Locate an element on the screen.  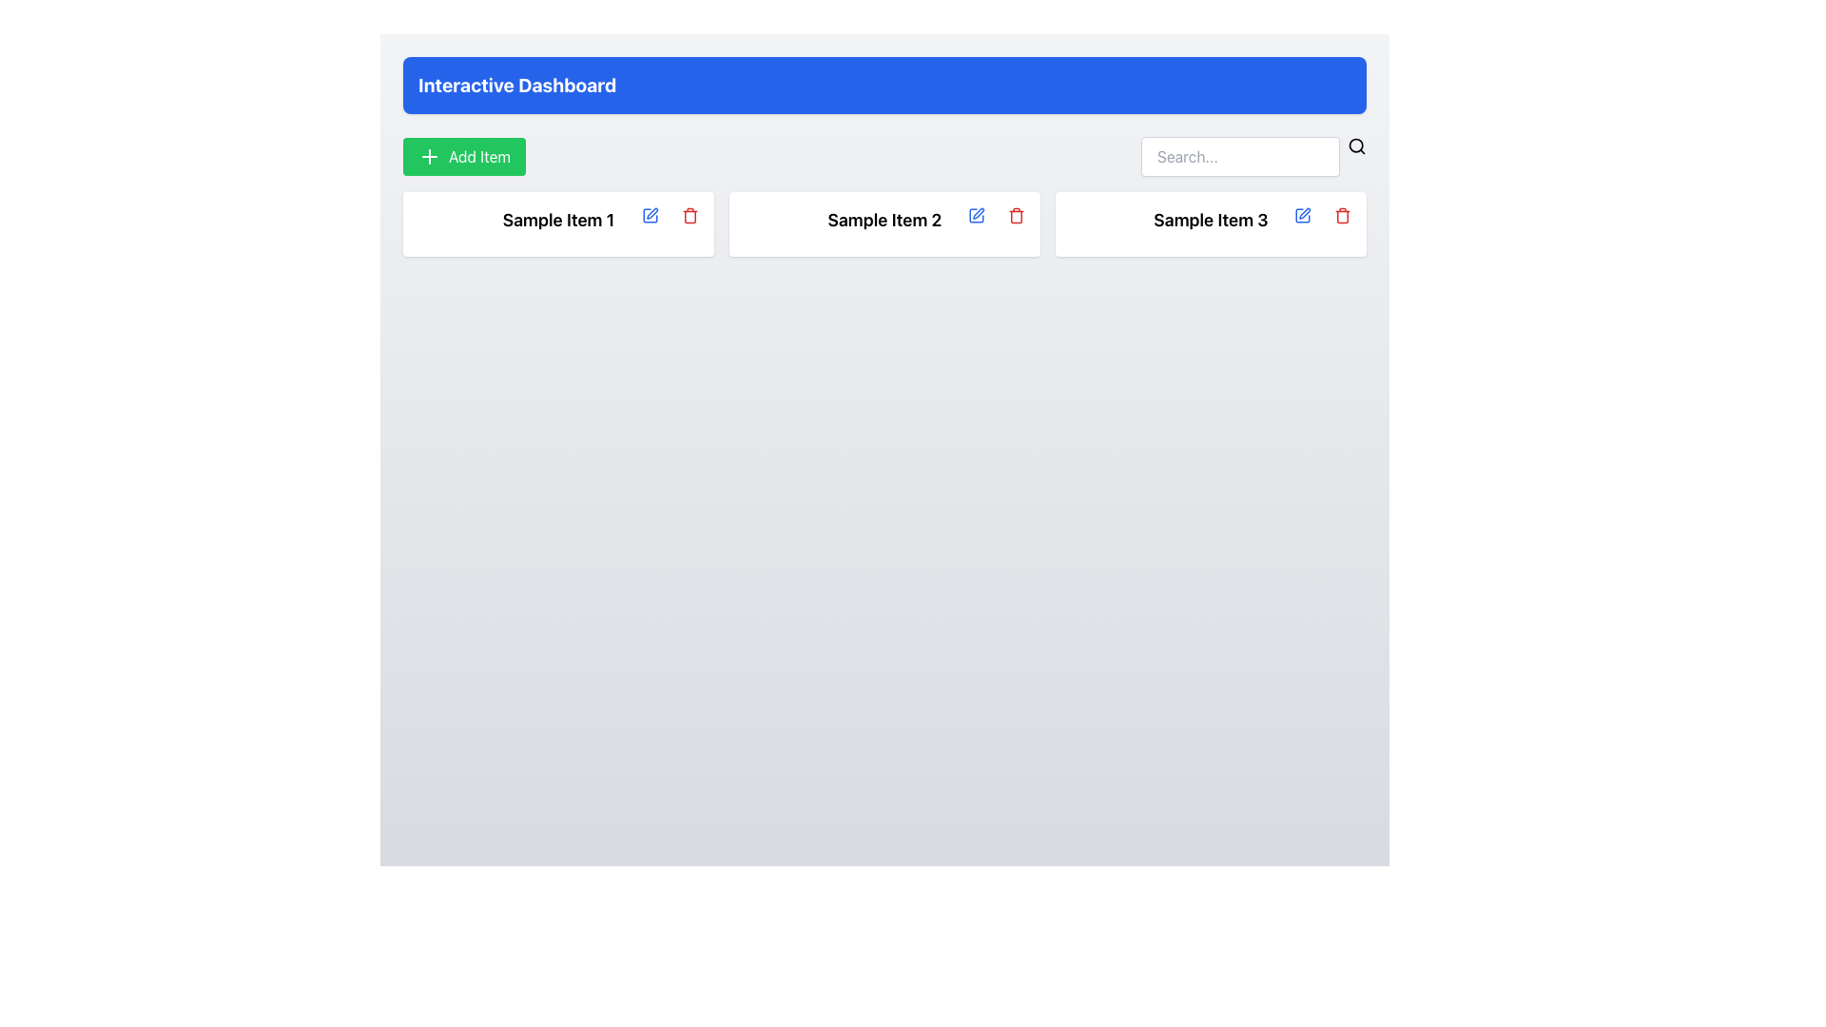
the text label displaying 'Interactive Dashboard' to check for additional interactivity is located at coordinates (517, 84).